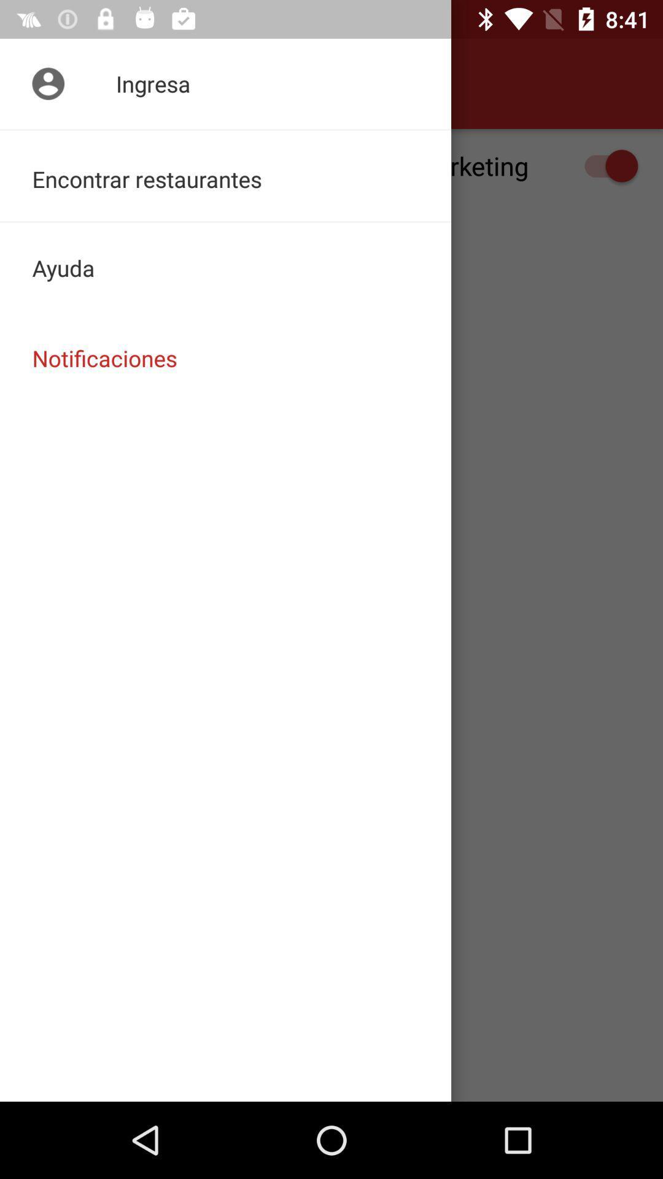  What do you see at coordinates (225, 83) in the screenshot?
I see `the ingresa icon` at bounding box center [225, 83].